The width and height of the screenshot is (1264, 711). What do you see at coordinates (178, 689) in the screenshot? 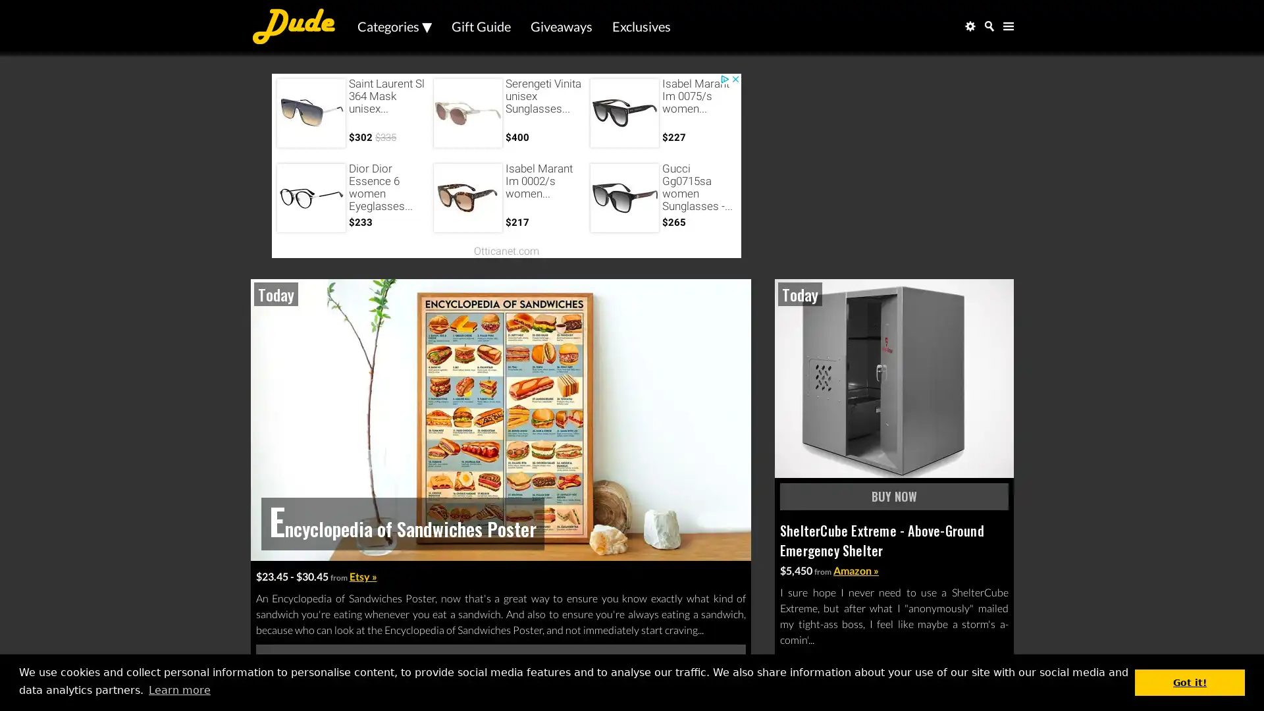
I see `learn more about cookies` at bounding box center [178, 689].